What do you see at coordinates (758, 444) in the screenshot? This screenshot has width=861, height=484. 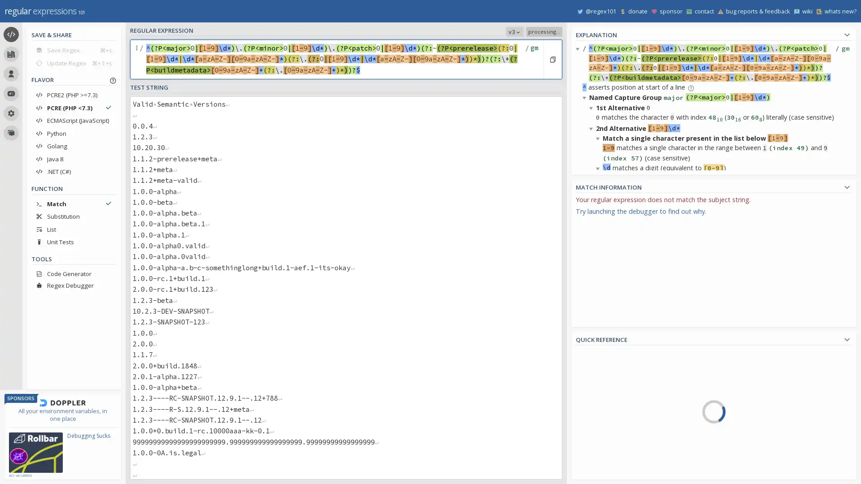 I see `Any whitespace character \s` at bounding box center [758, 444].